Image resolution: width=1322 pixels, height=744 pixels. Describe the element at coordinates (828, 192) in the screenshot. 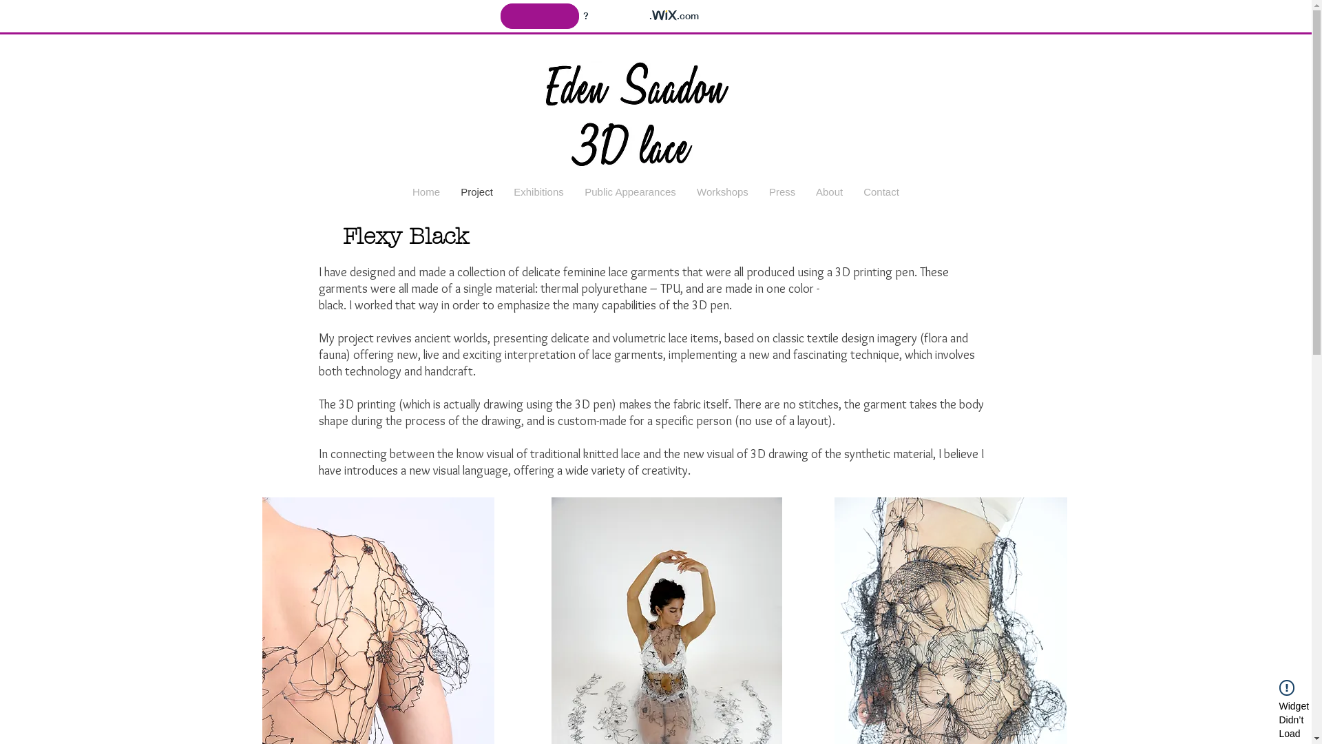

I see `'About'` at that location.